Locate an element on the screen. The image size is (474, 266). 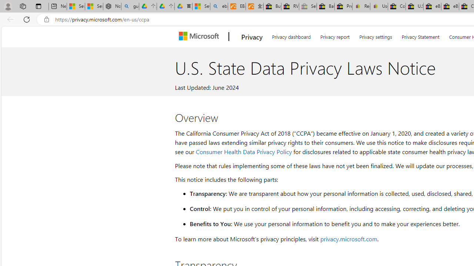
'Privacy' is located at coordinates (252, 37).